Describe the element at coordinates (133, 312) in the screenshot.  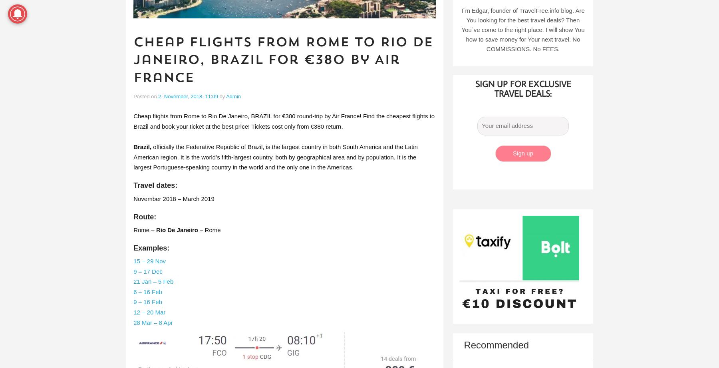
I see `'12 – 20 Mar'` at that location.